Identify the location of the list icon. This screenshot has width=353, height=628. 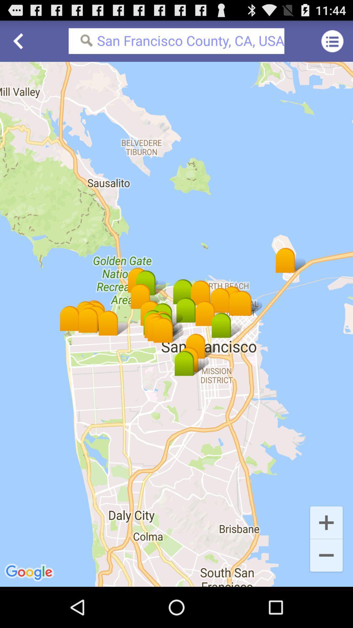
(332, 44).